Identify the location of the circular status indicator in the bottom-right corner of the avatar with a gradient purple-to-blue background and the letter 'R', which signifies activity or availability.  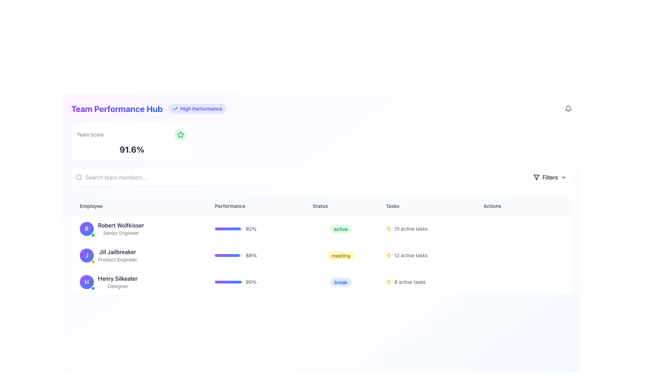
(92, 235).